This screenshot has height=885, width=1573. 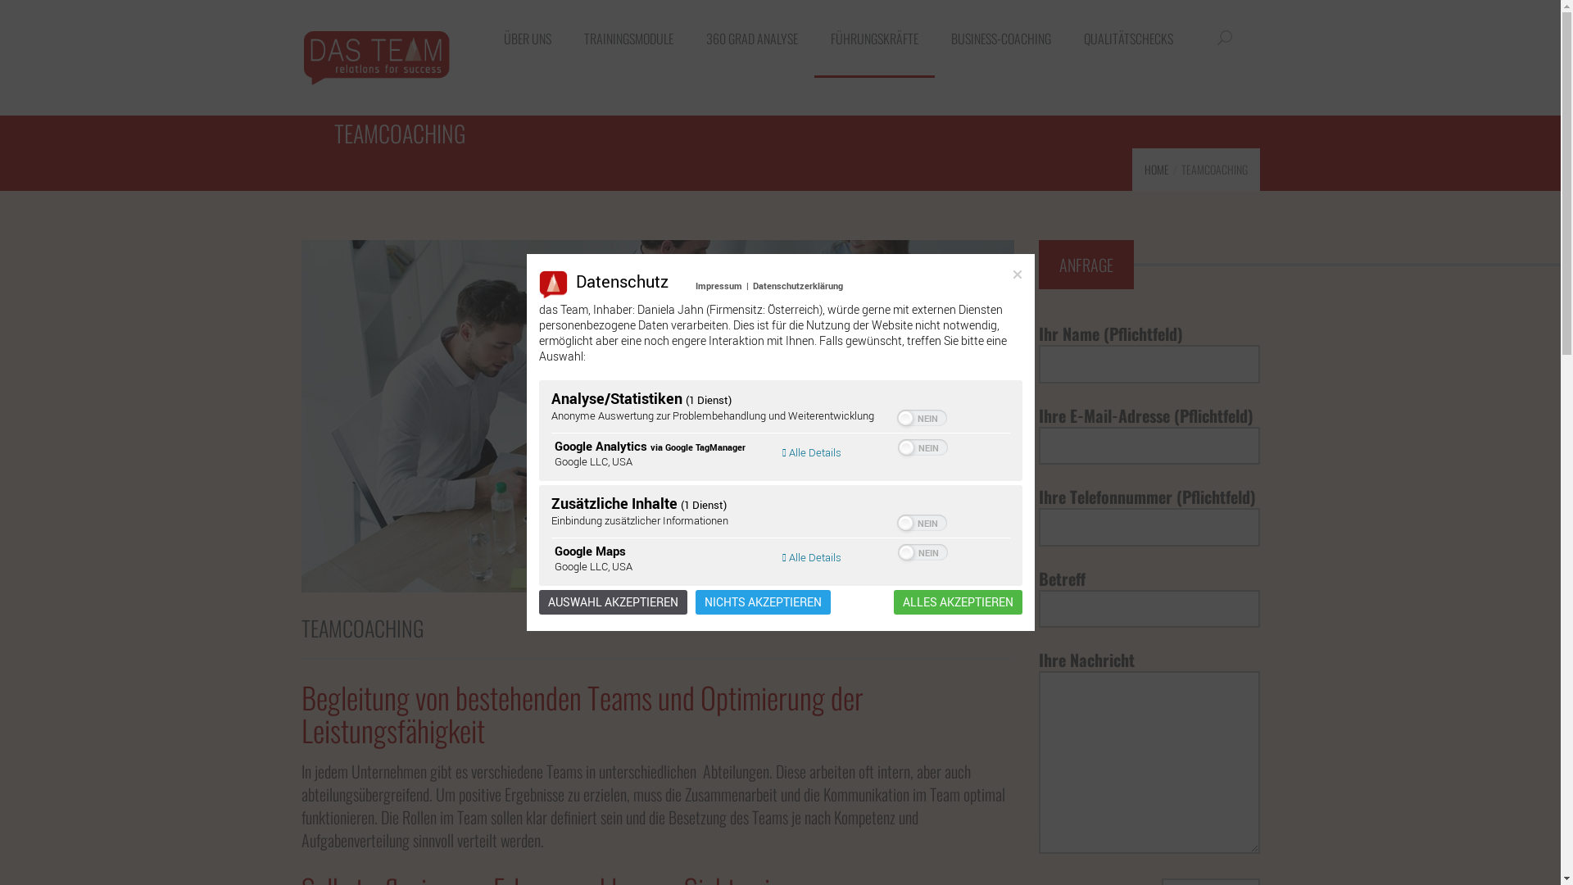 What do you see at coordinates (999, 38) in the screenshot?
I see `'BUSINESS-COACHING'` at bounding box center [999, 38].